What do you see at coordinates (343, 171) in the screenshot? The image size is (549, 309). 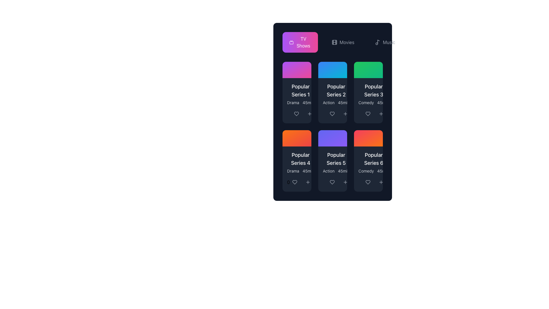 I see `text label displaying '45min' located at the bottom of the 'Popular Series 5' card in the grid layout` at bounding box center [343, 171].